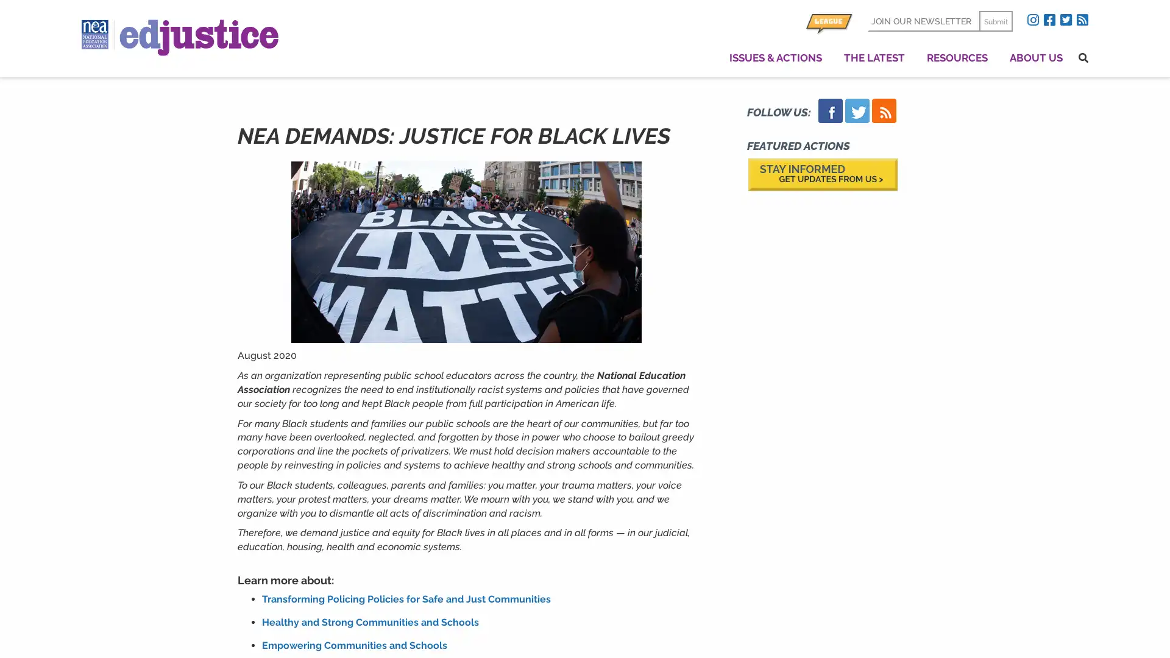 The width and height of the screenshot is (1170, 658). Describe the element at coordinates (995, 21) in the screenshot. I see `Submit` at that location.